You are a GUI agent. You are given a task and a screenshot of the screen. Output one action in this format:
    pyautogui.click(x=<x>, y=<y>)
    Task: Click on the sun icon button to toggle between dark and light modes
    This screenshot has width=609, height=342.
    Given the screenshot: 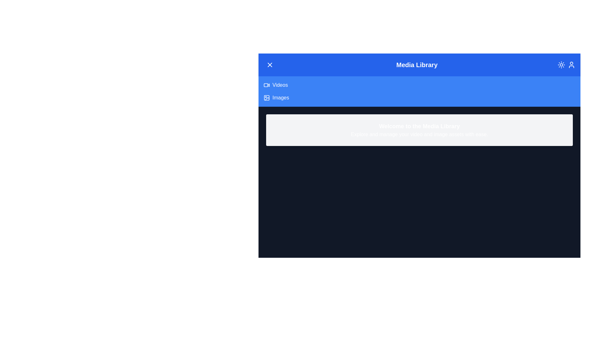 What is the action you would take?
    pyautogui.click(x=561, y=65)
    